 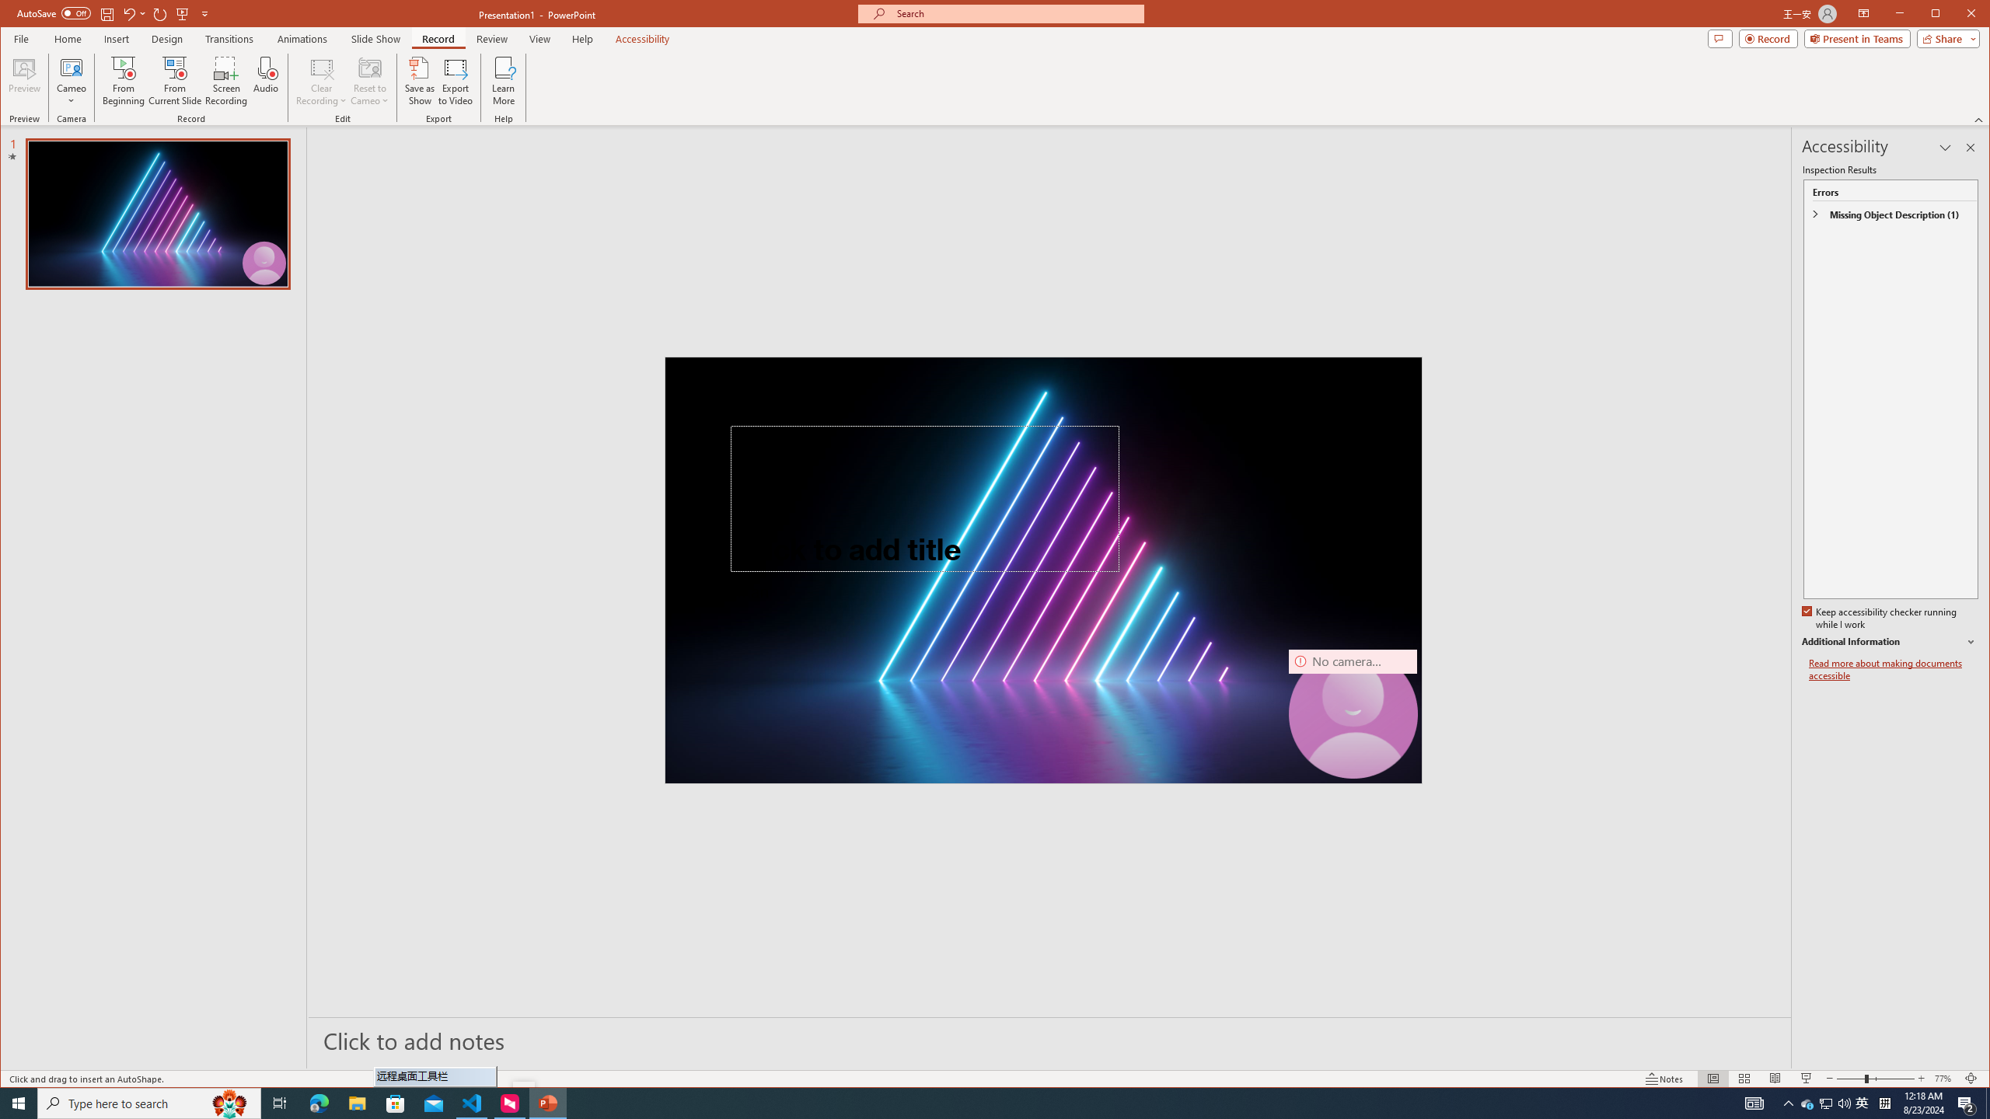 What do you see at coordinates (1945, 1078) in the screenshot?
I see `'Zoom 77%'` at bounding box center [1945, 1078].